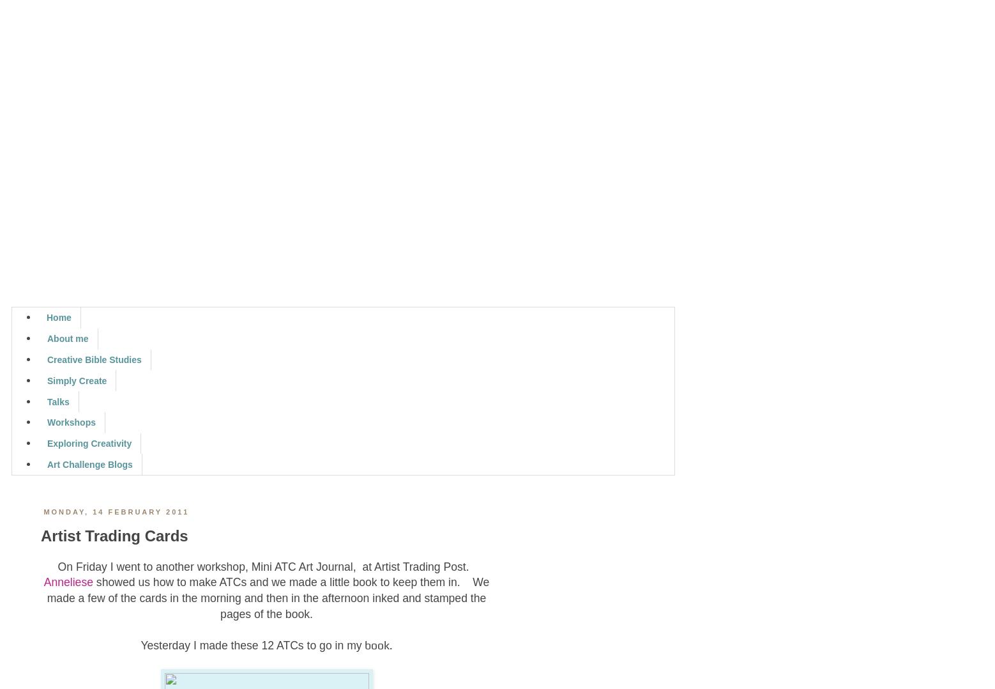  What do you see at coordinates (266, 566) in the screenshot?
I see `'On Friday I went to another workshop, Mini ATC Art Journal,  at Artist Trading Post.'` at bounding box center [266, 566].